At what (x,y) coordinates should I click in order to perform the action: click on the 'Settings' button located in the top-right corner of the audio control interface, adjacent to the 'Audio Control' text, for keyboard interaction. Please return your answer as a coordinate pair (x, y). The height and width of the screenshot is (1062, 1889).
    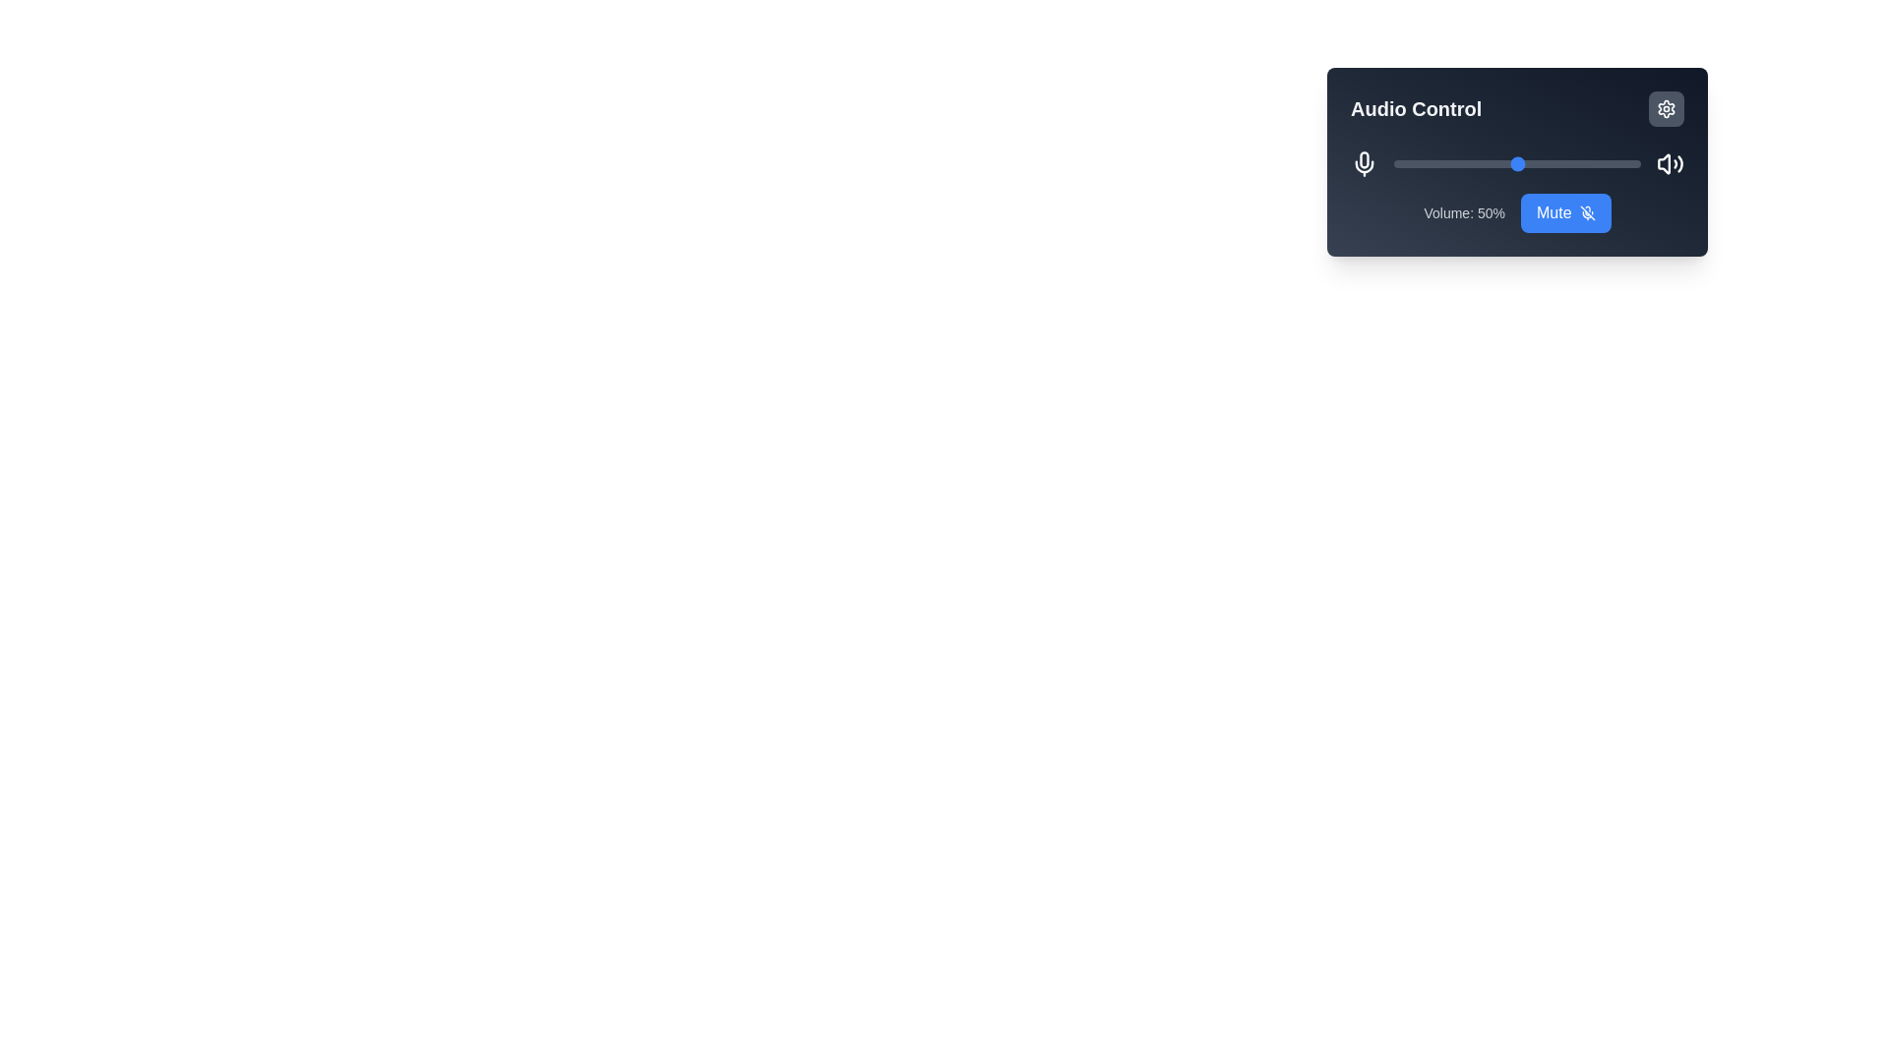
    Looking at the image, I should click on (1666, 109).